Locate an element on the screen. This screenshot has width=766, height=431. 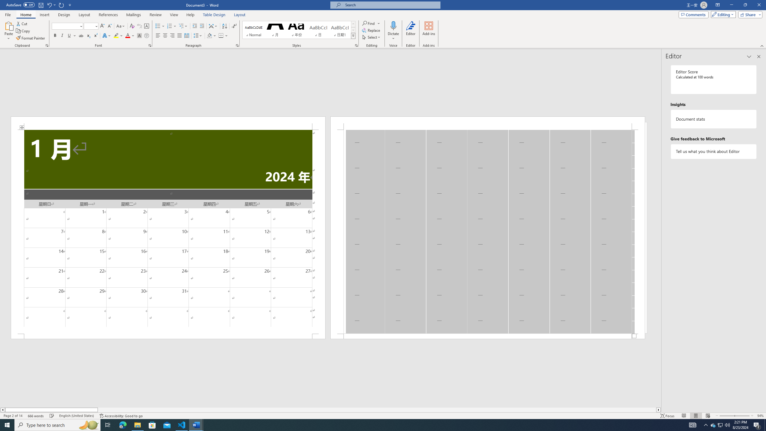
'Accessibility Checker Accessibility: Good to go' is located at coordinates (121, 416).